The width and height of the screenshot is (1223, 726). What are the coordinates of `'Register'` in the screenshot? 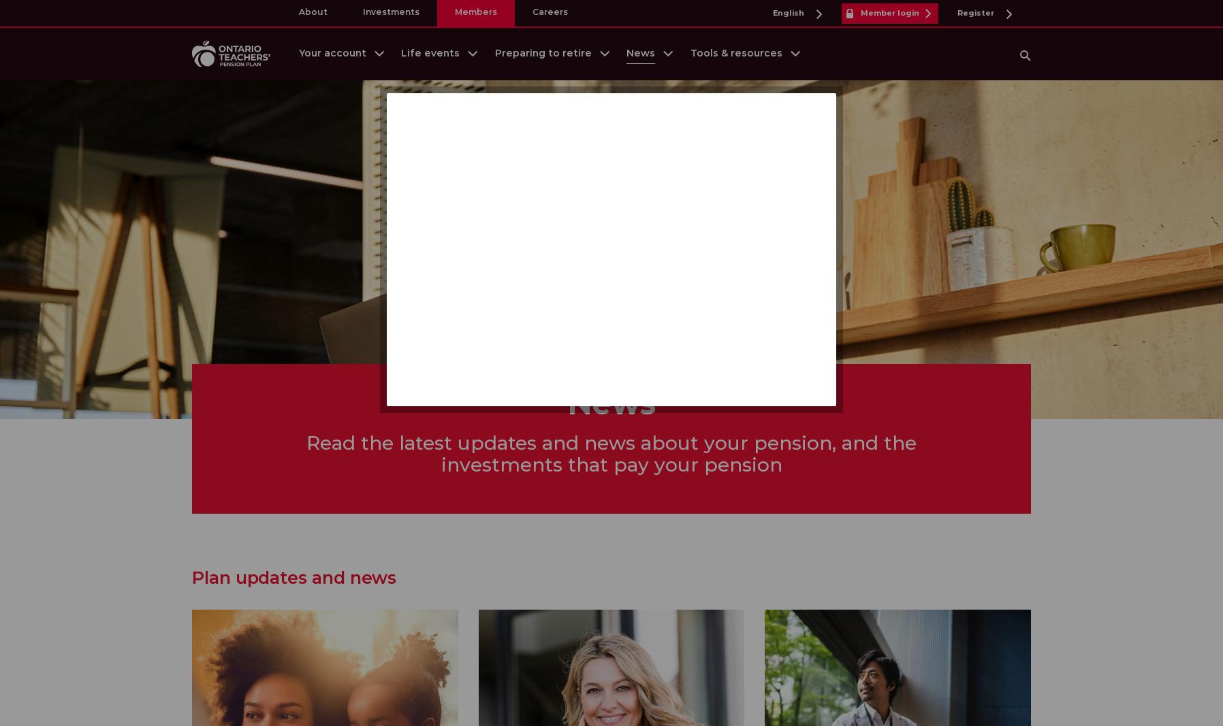 It's located at (975, 12).